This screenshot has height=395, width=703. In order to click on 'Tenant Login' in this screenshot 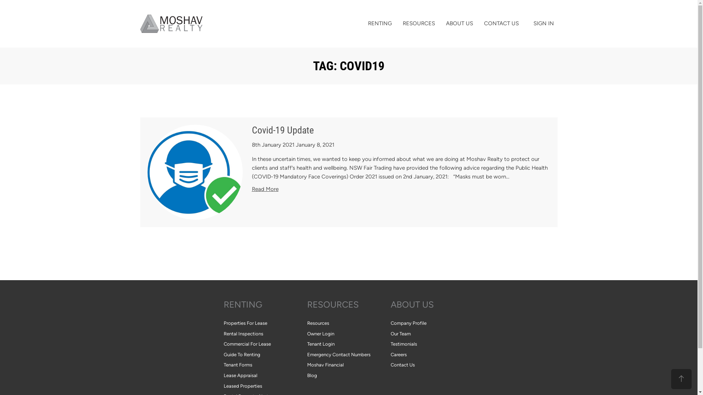, I will do `click(348, 344)`.